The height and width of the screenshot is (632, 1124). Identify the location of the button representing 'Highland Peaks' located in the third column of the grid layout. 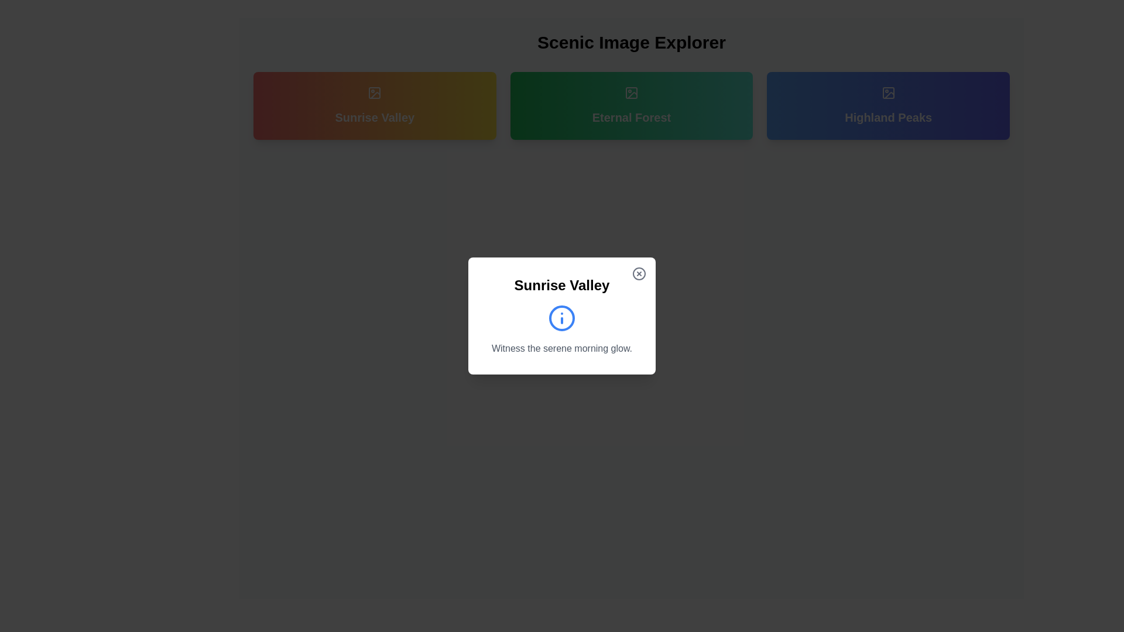
(888, 106).